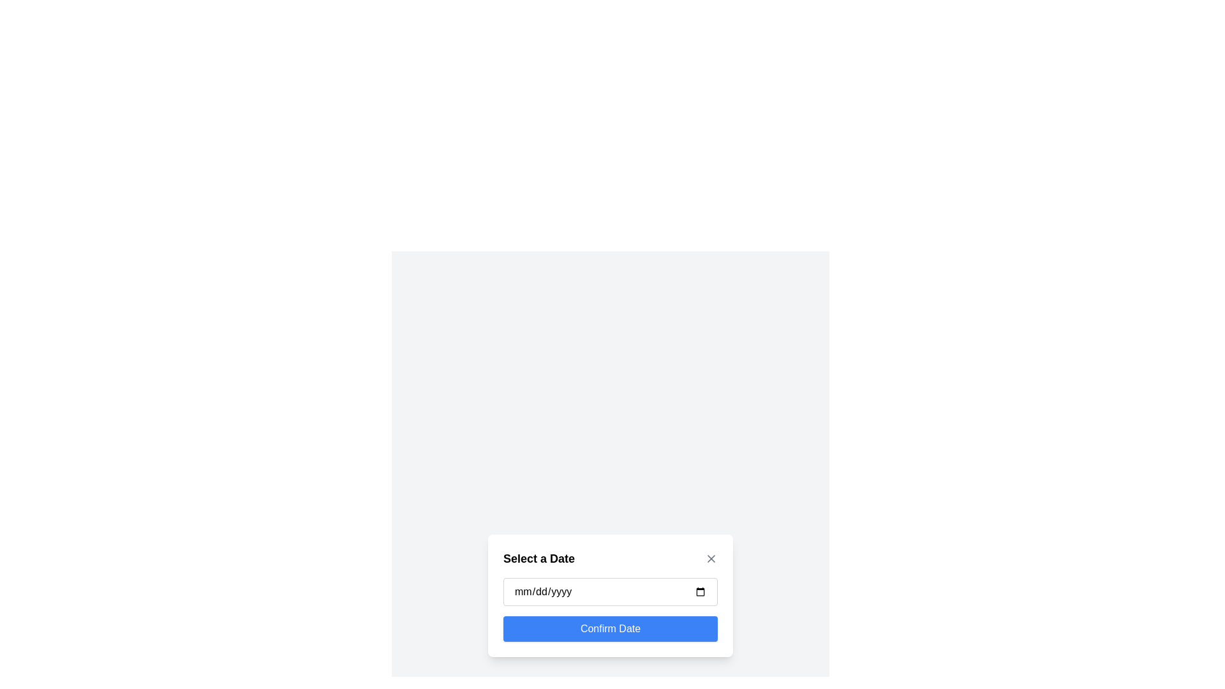 Image resolution: width=1225 pixels, height=689 pixels. I want to click on the header text label of the date selection modal, which is located at the top-left of the modal, above the date input field, so click(538, 558).